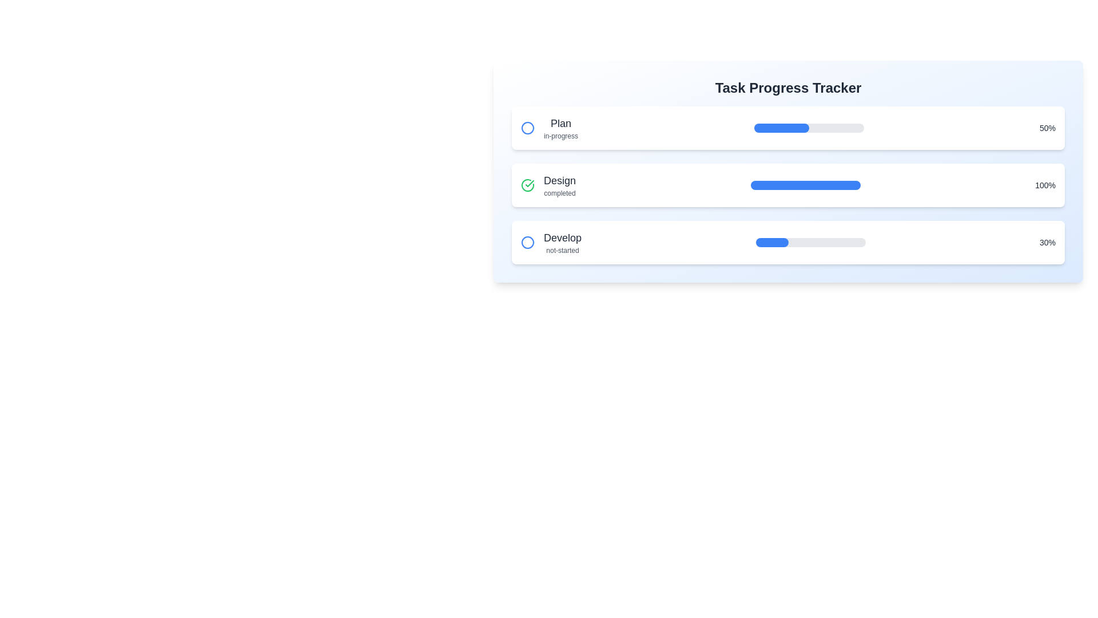  I want to click on the progress tracker item indicating 100% completion of the 'Design' task, which is the second item in a vertical list, so click(787, 185).